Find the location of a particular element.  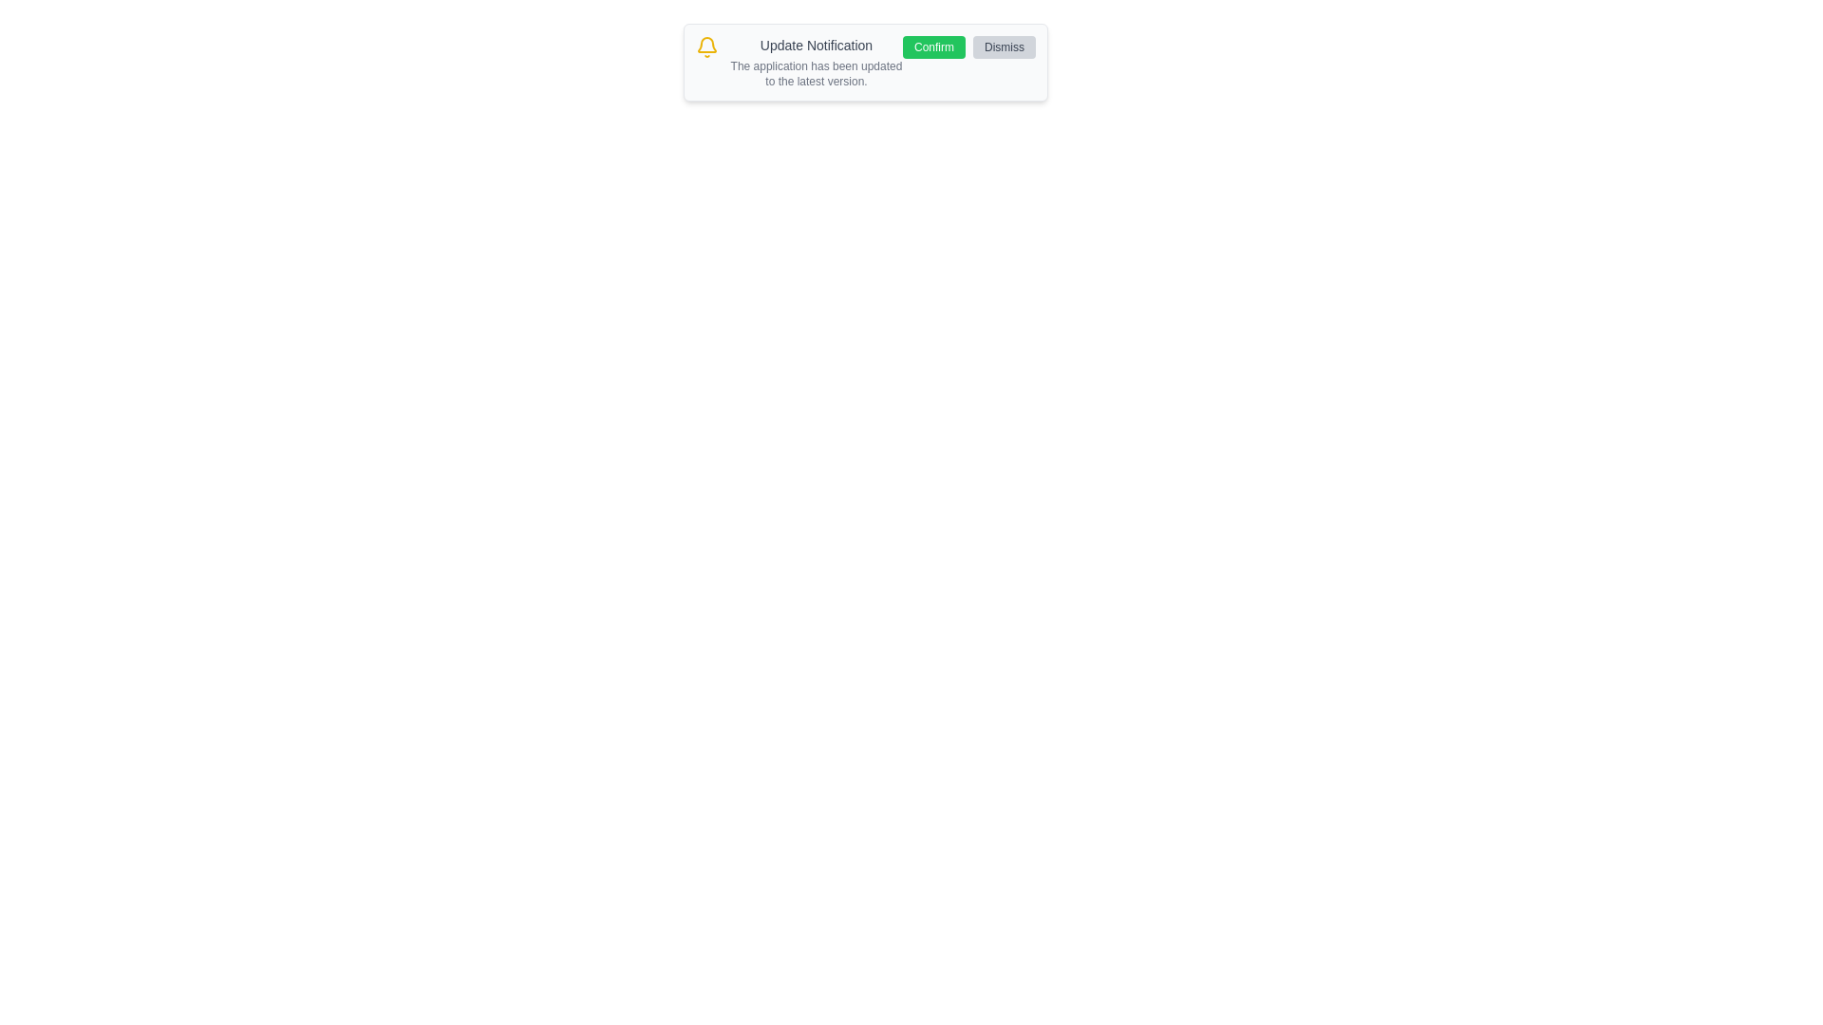

the bell icon with a yellow outline located in the top-left corner of the notification dialog is located at coordinates (705, 44).